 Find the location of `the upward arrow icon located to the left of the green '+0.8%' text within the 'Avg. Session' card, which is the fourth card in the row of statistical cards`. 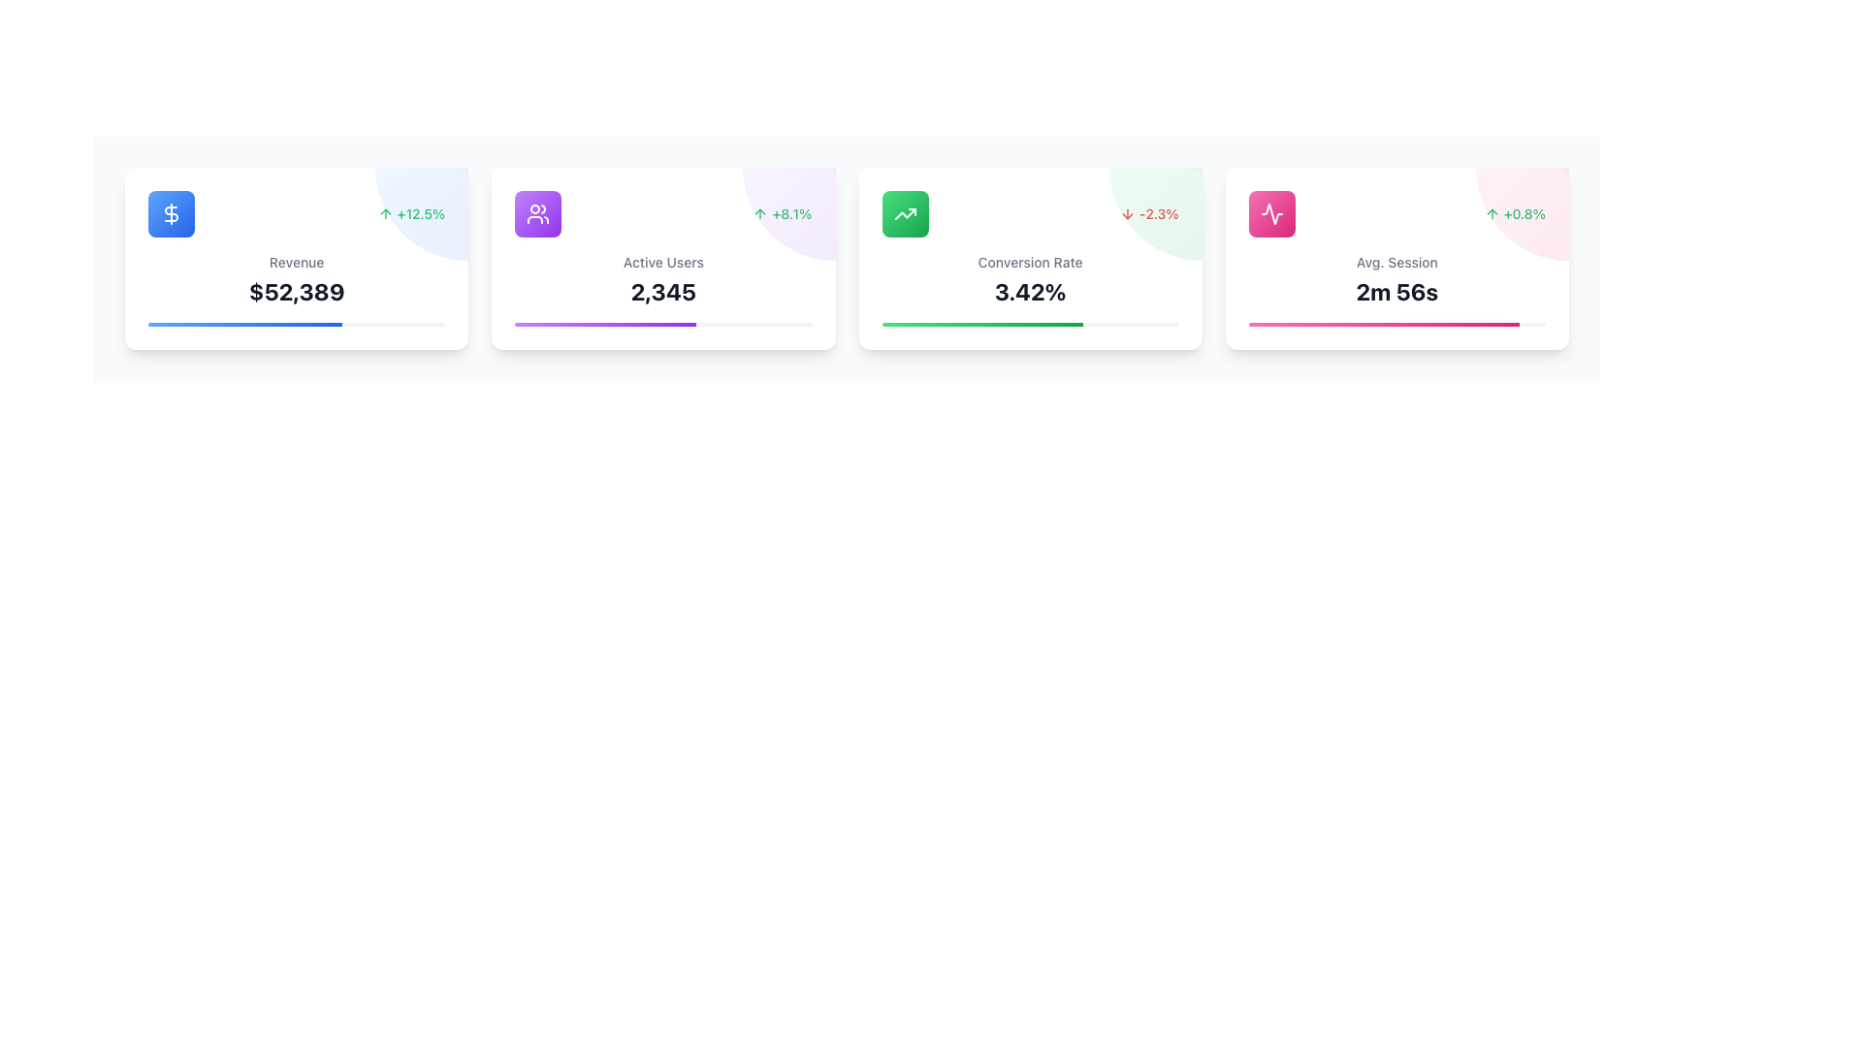

the upward arrow icon located to the left of the green '+0.8%' text within the 'Avg. Session' card, which is the fourth card in the row of statistical cards is located at coordinates (1491, 213).